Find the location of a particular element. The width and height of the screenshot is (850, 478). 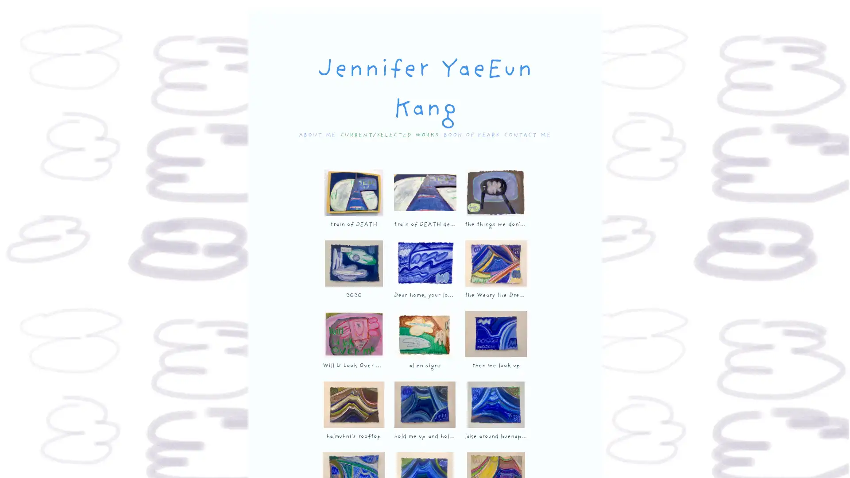

View fullsize train of DEATH detail shot is located at coordinates (424, 192).